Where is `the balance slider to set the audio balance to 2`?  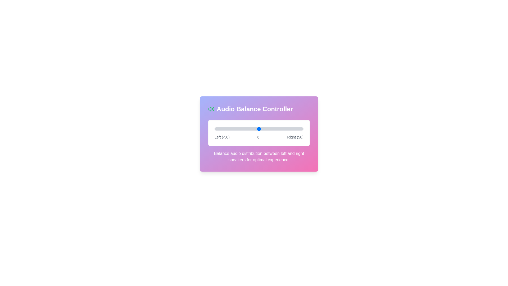
the balance slider to set the audio balance to 2 is located at coordinates (261, 129).